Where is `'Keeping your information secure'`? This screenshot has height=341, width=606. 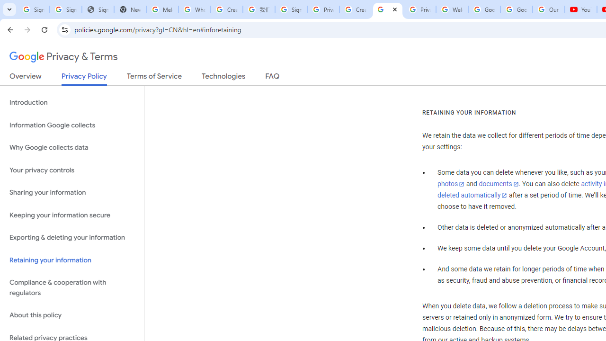 'Keeping your information secure' is located at coordinates (71, 215).